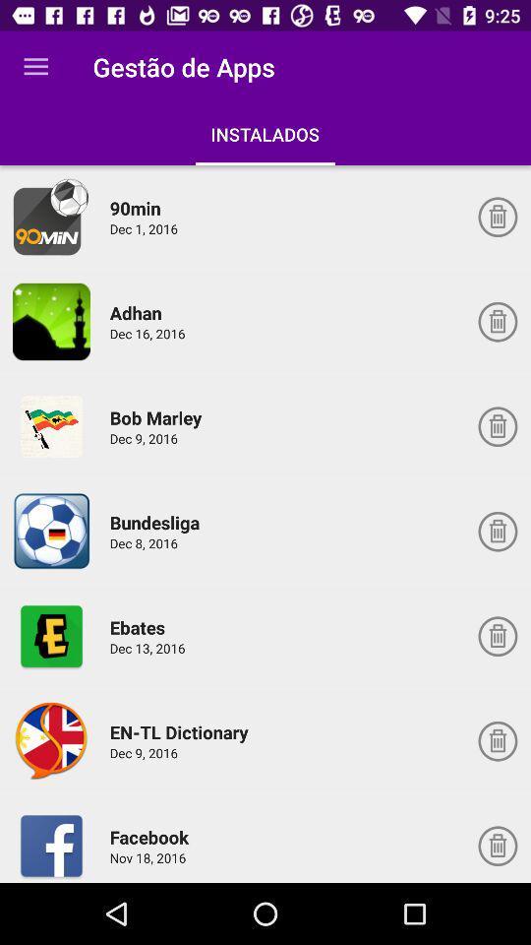  What do you see at coordinates (51, 635) in the screenshot?
I see `app icon` at bounding box center [51, 635].